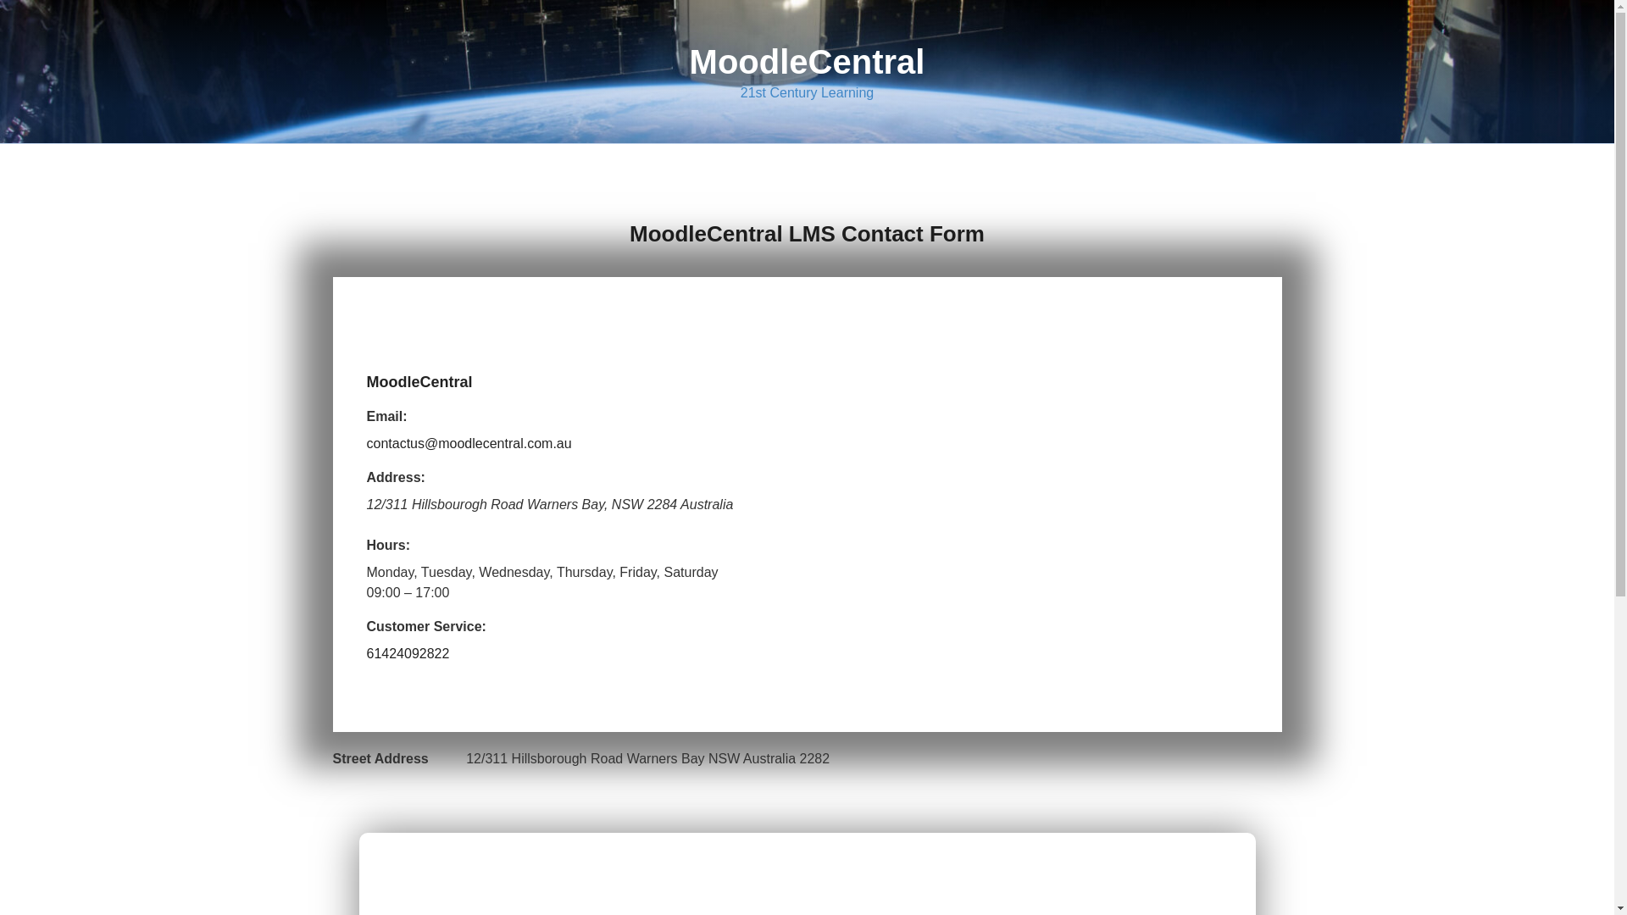  Describe the element at coordinates (468, 442) in the screenshot. I see `'contactus@moodlecentral.com.au'` at that location.